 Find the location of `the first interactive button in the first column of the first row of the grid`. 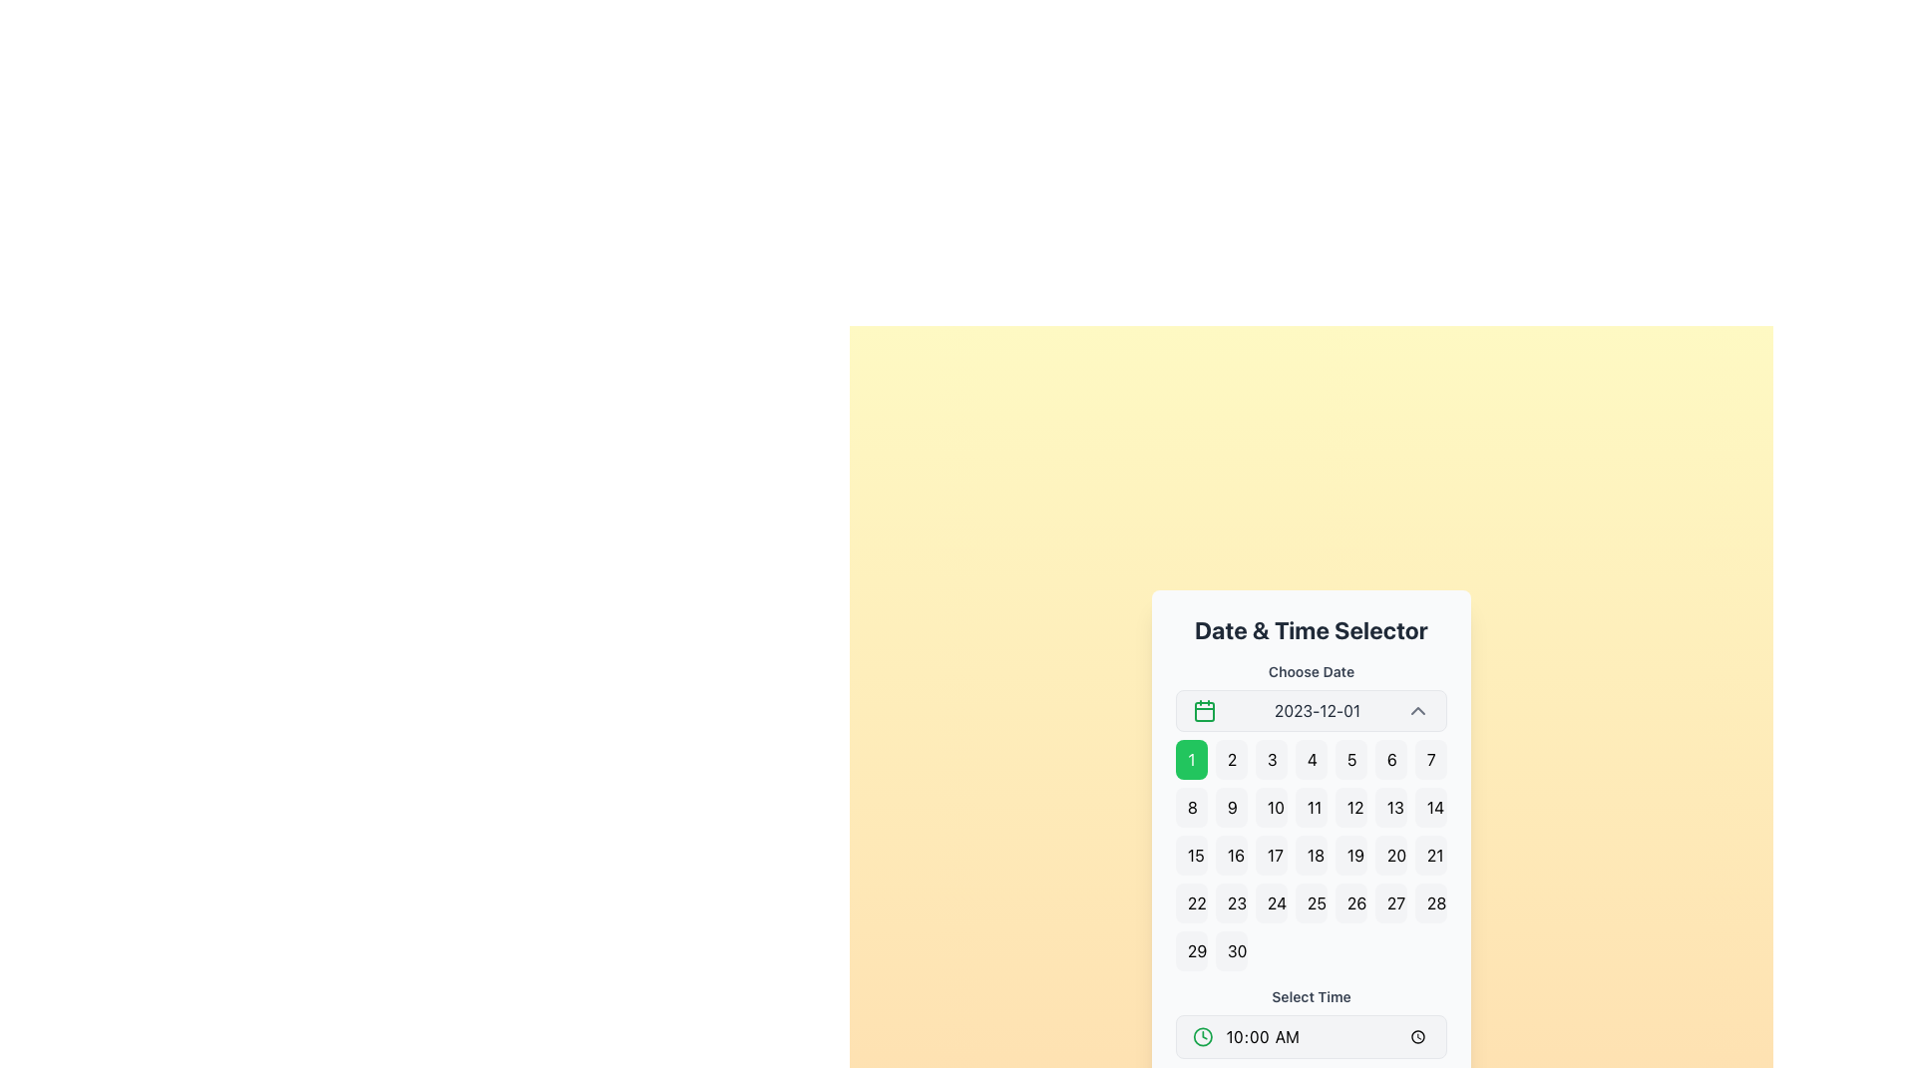

the first interactive button in the first column of the first row of the grid is located at coordinates (1192, 760).